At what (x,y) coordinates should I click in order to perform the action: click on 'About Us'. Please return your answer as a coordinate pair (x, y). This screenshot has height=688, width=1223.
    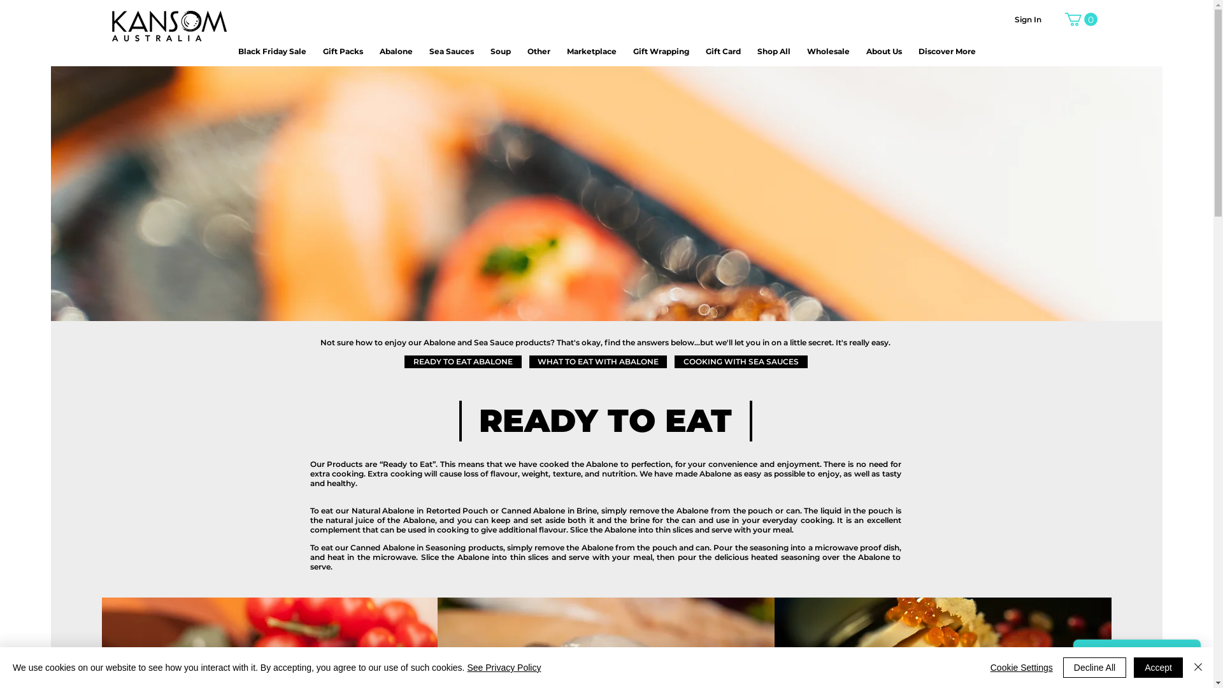
    Looking at the image, I should click on (866, 50).